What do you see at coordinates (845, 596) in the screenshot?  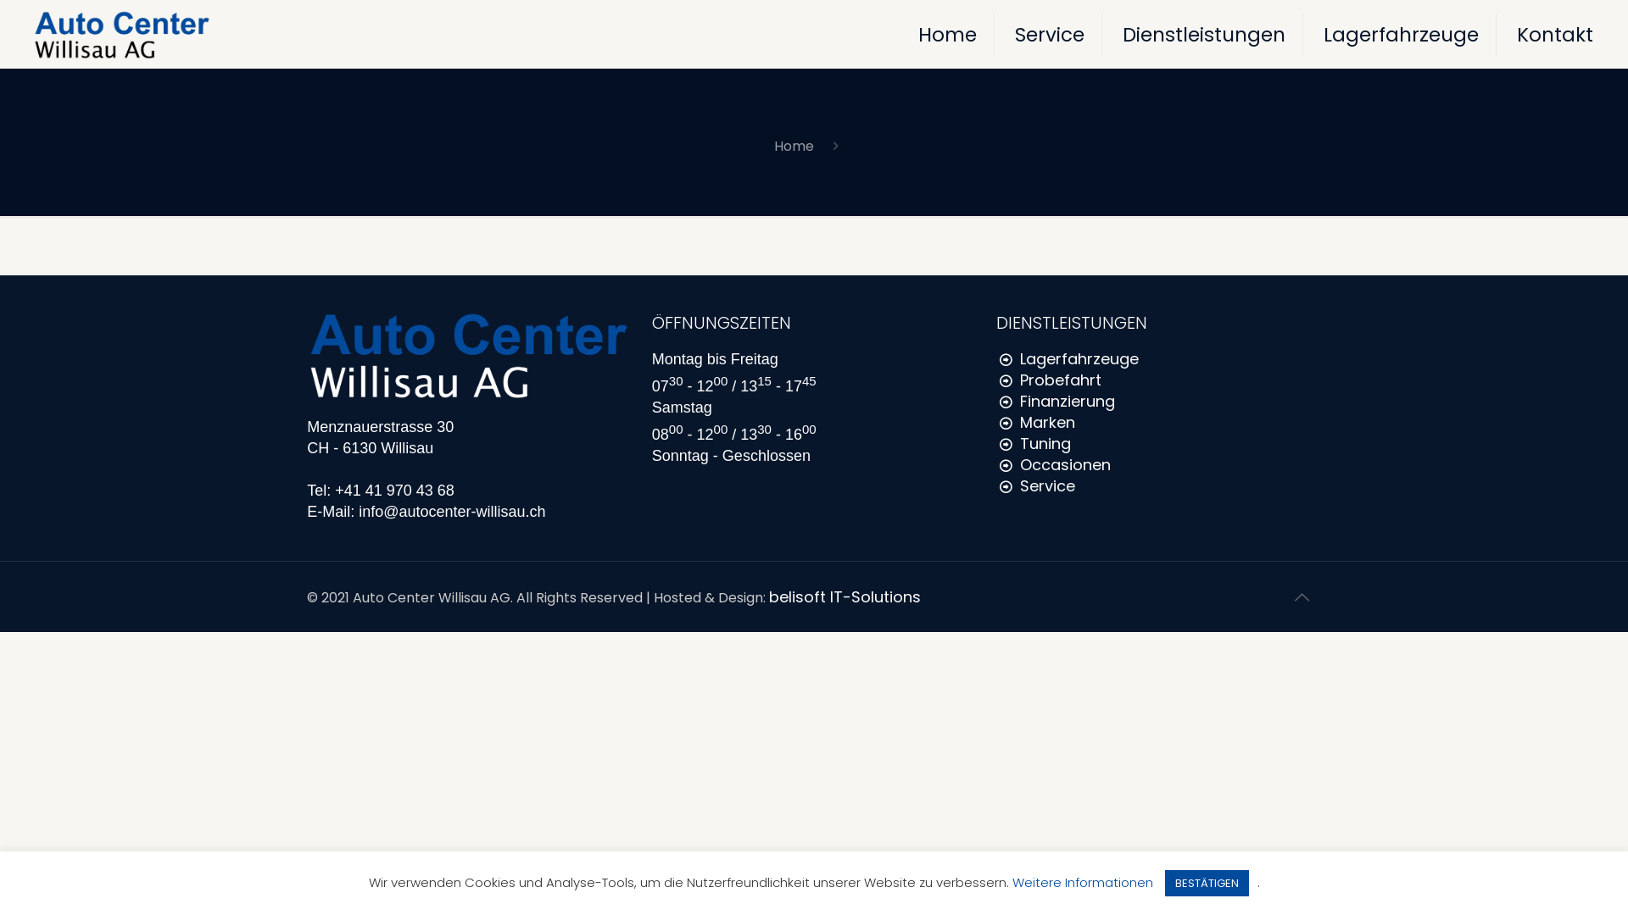 I see `'belisoft IT-Solutions'` at bounding box center [845, 596].